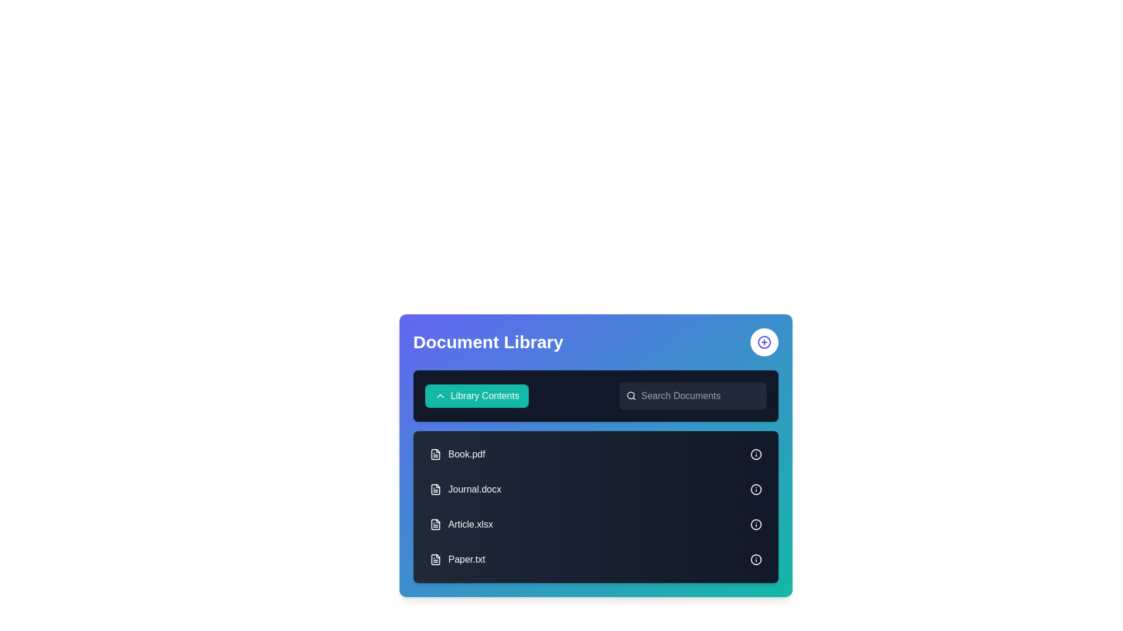 The width and height of the screenshot is (1123, 631). Describe the element at coordinates (764, 342) in the screenshot. I see `the SVG-circle graphical element, which is a circular outline located in the top-right region of the interface, part of a cross graphical representation` at that location.